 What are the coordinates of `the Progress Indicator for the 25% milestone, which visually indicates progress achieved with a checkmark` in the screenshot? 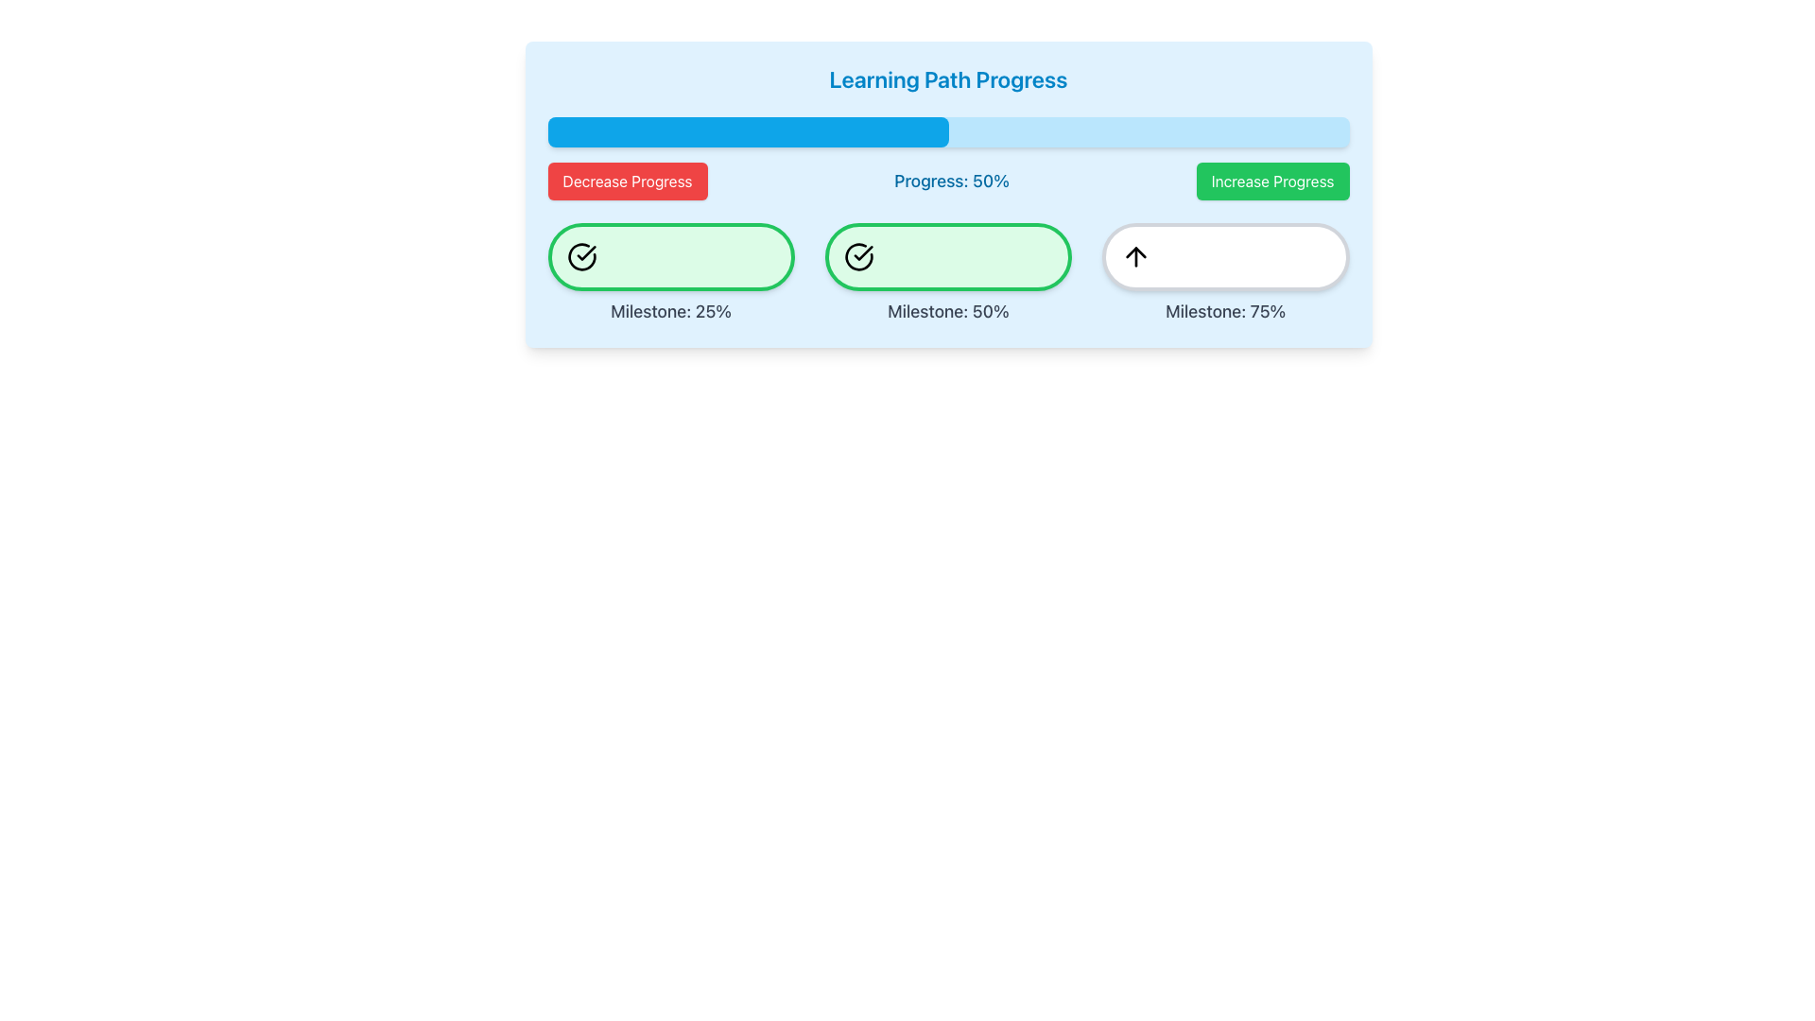 It's located at (671, 257).